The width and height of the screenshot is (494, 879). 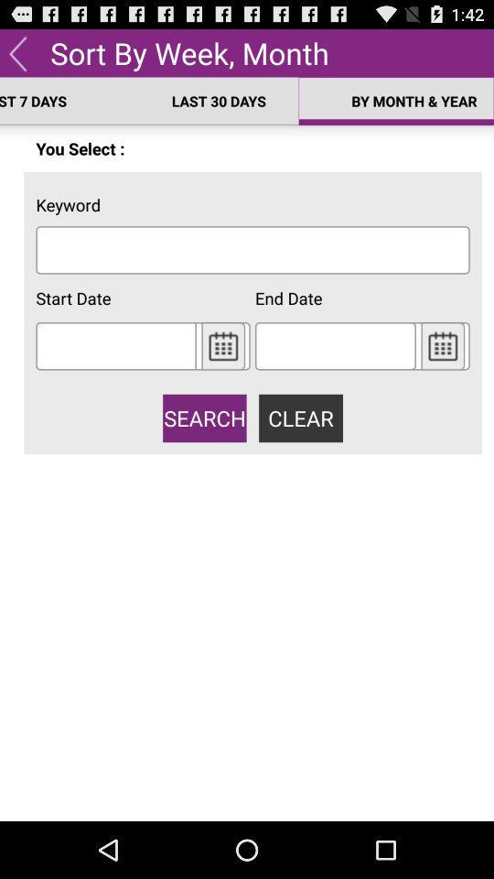 What do you see at coordinates (16, 51) in the screenshot?
I see `previous` at bounding box center [16, 51].